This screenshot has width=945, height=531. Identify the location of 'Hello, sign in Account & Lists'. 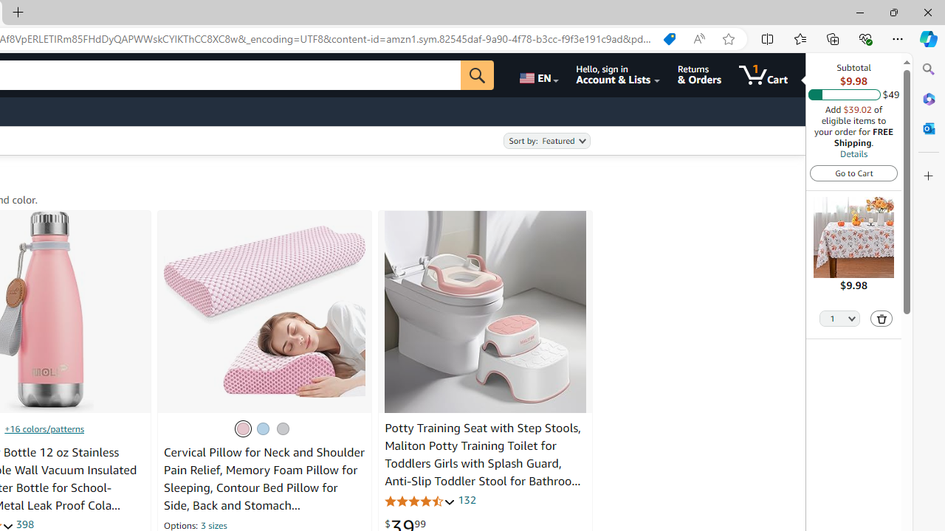
(618, 74).